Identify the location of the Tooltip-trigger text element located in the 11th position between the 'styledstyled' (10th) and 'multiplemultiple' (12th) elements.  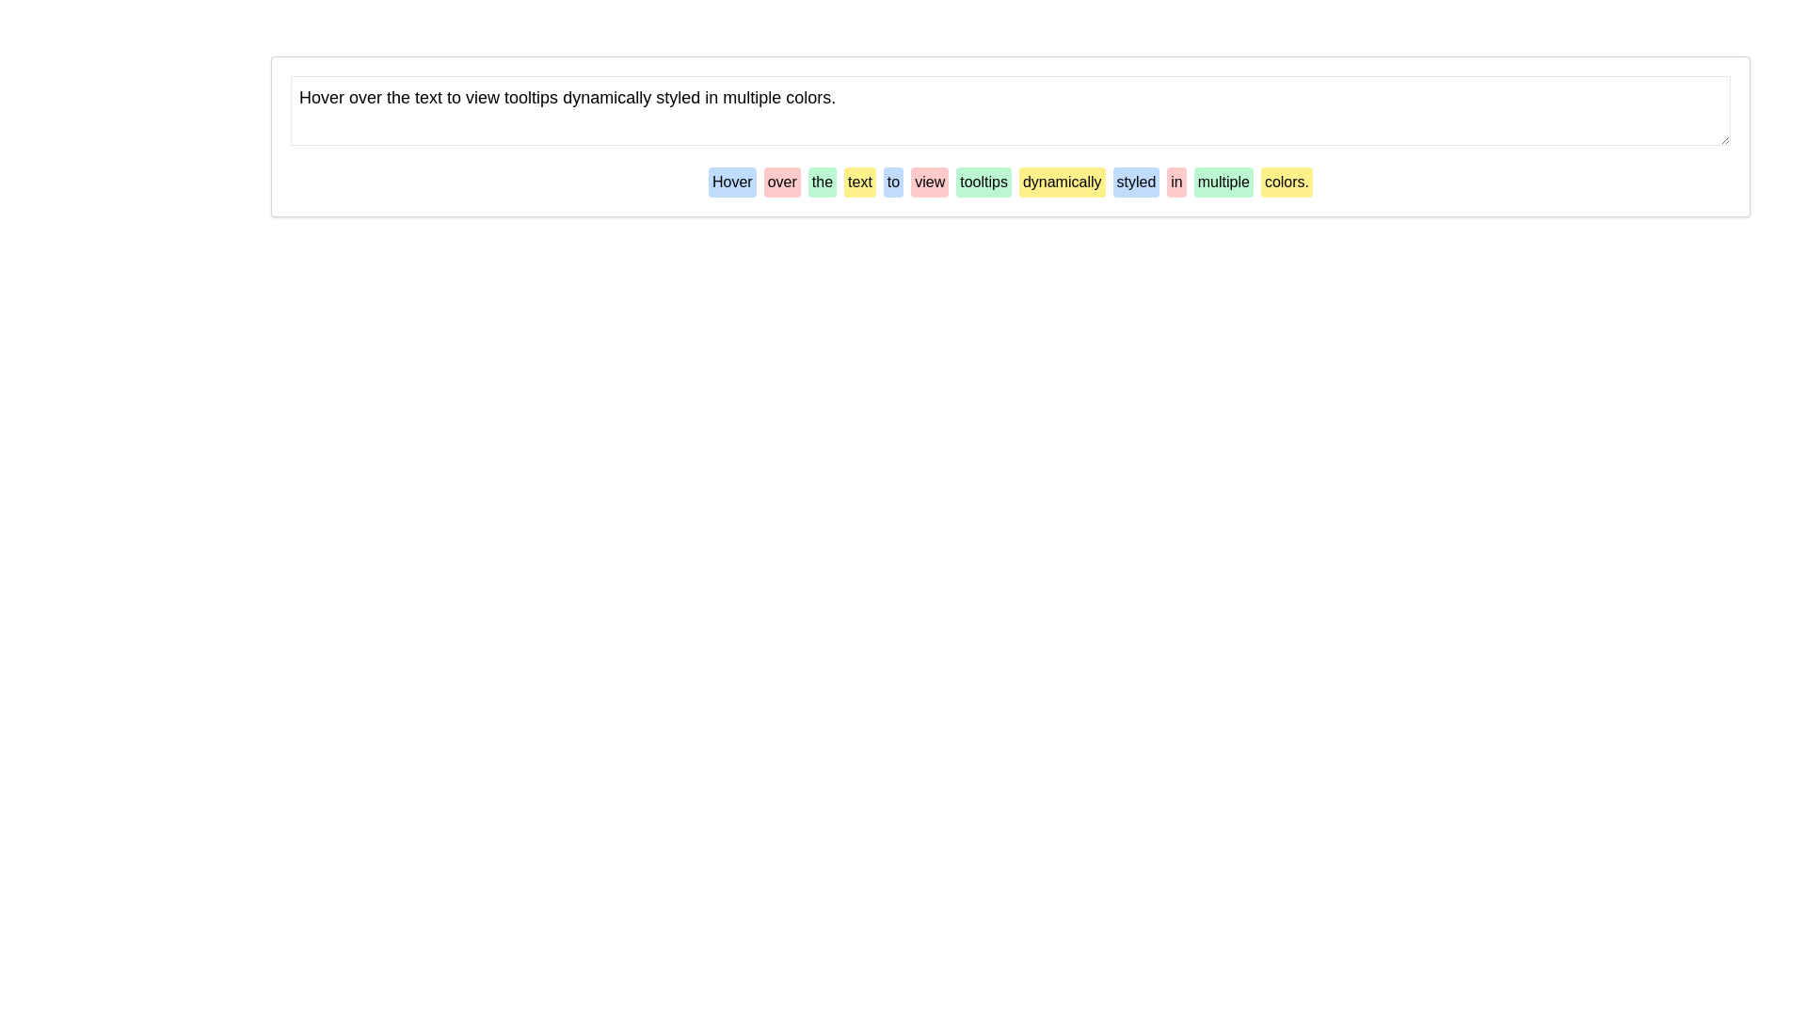
(1175, 182).